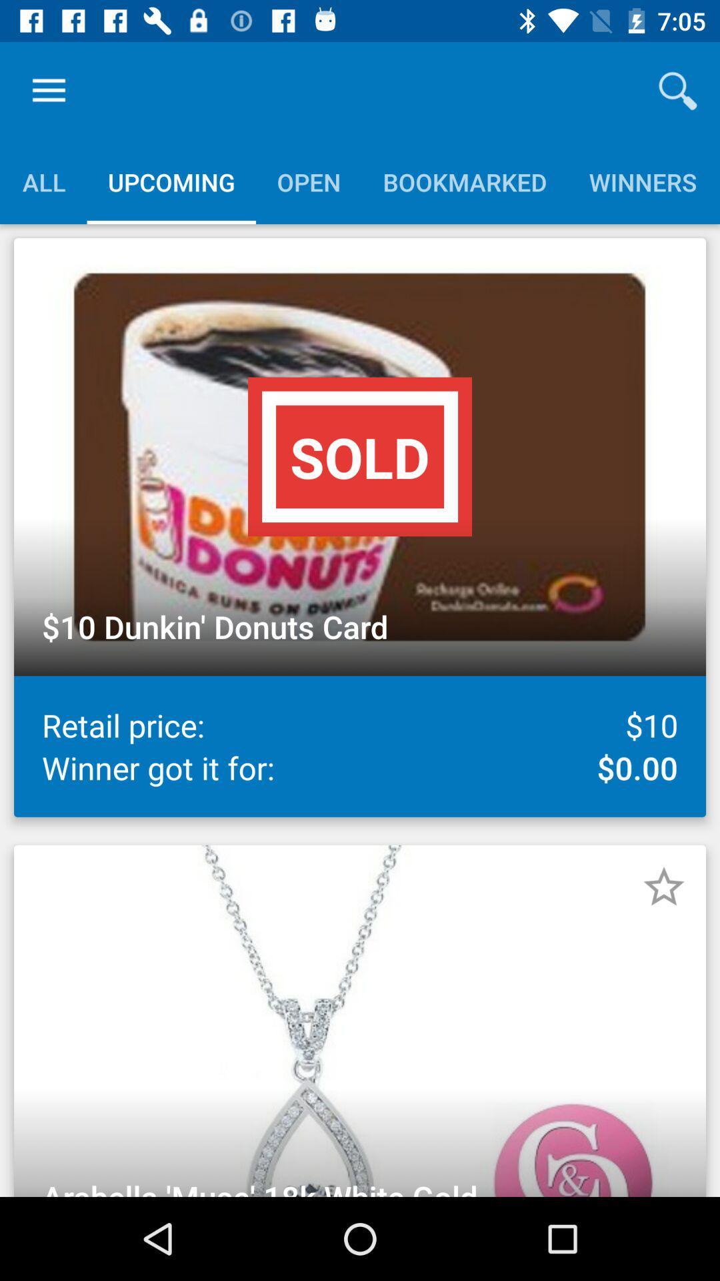  Describe the element at coordinates (663, 887) in the screenshot. I see `this item` at that location.